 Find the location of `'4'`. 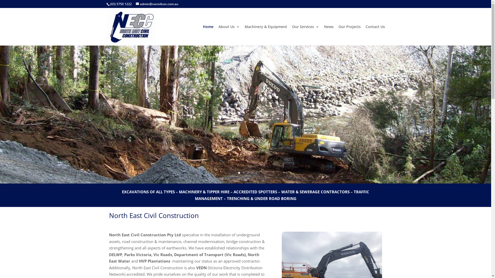

'4' is located at coordinates (252, 173).